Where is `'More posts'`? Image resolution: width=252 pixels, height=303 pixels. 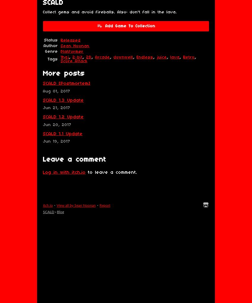 'More posts' is located at coordinates (64, 73).